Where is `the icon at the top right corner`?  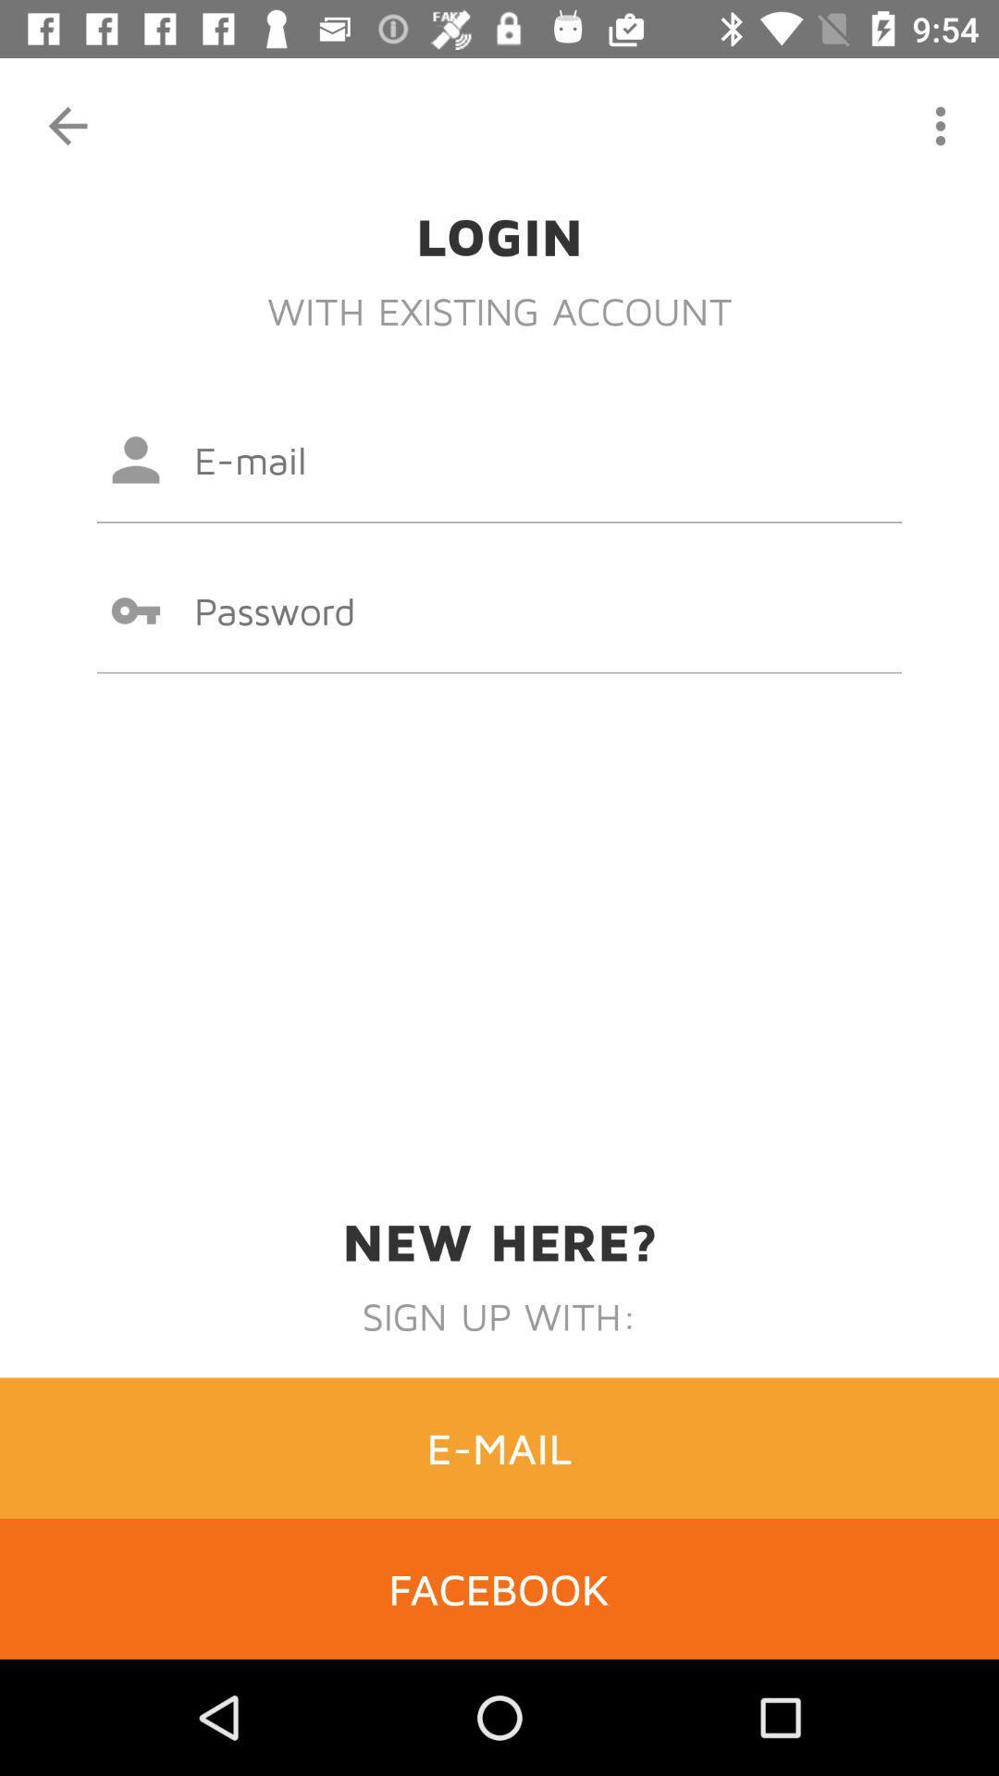 the icon at the top right corner is located at coordinates (941, 125).